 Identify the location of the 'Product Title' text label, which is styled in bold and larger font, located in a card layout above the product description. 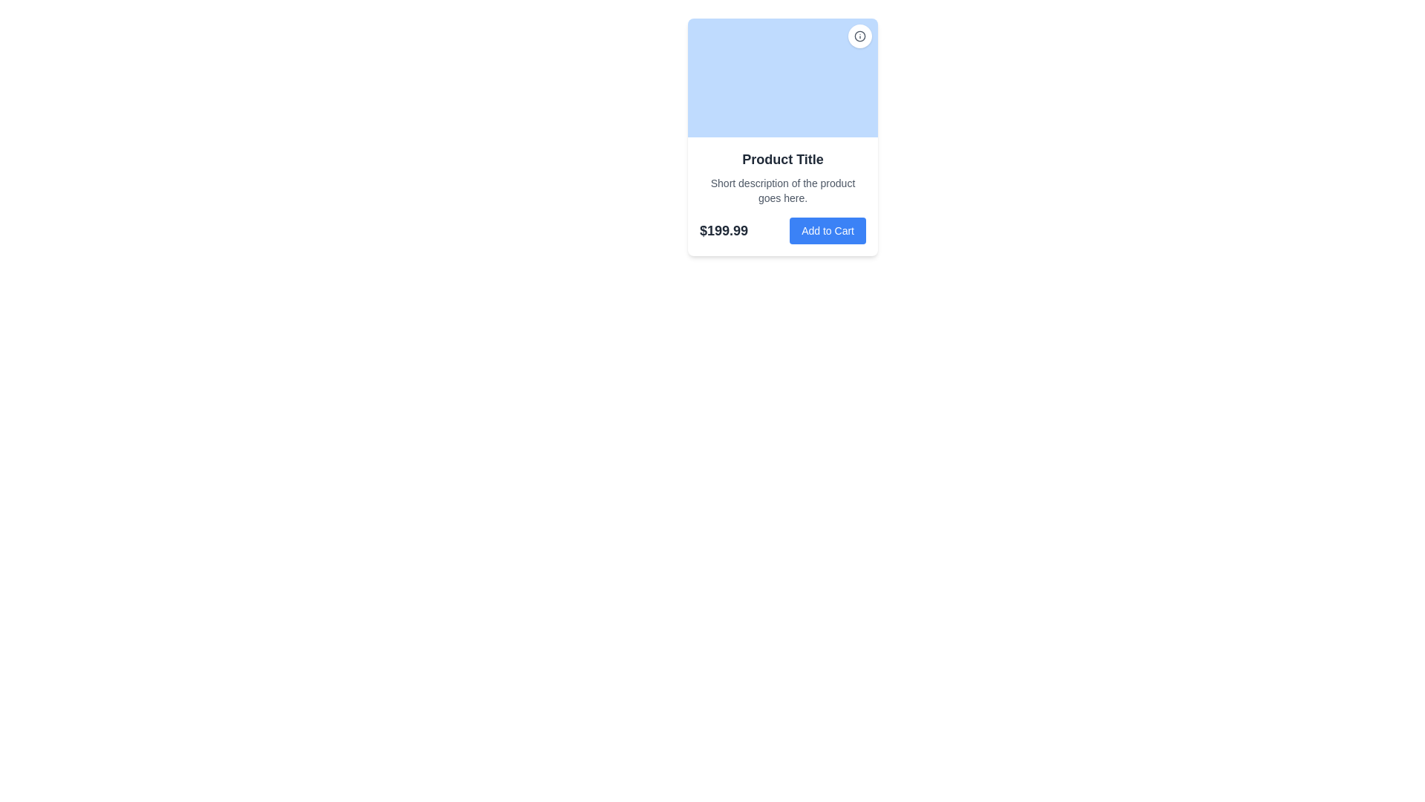
(782, 160).